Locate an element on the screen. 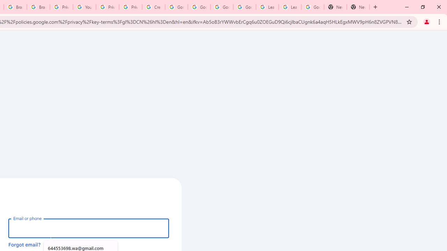 The height and width of the screenshot is (251, 447). 'Forgot email?' is located at coordinates (24, 244).